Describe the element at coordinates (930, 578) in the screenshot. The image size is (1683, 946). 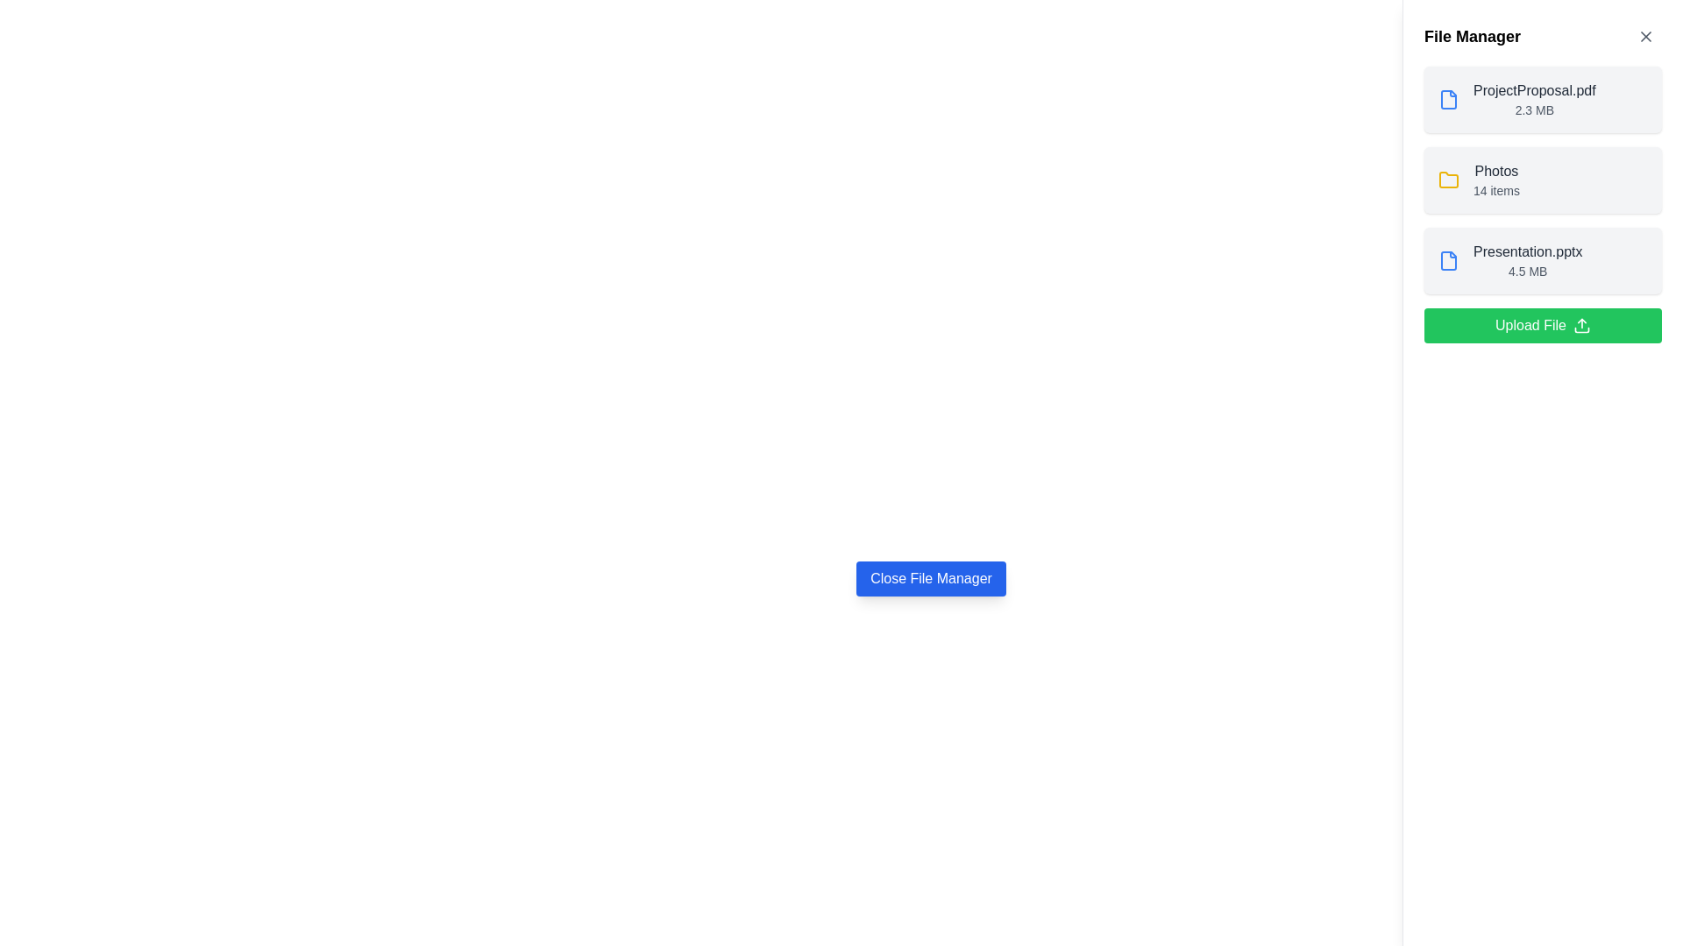
I see `the close button located at the bottom center of the file manager interface` at that location.